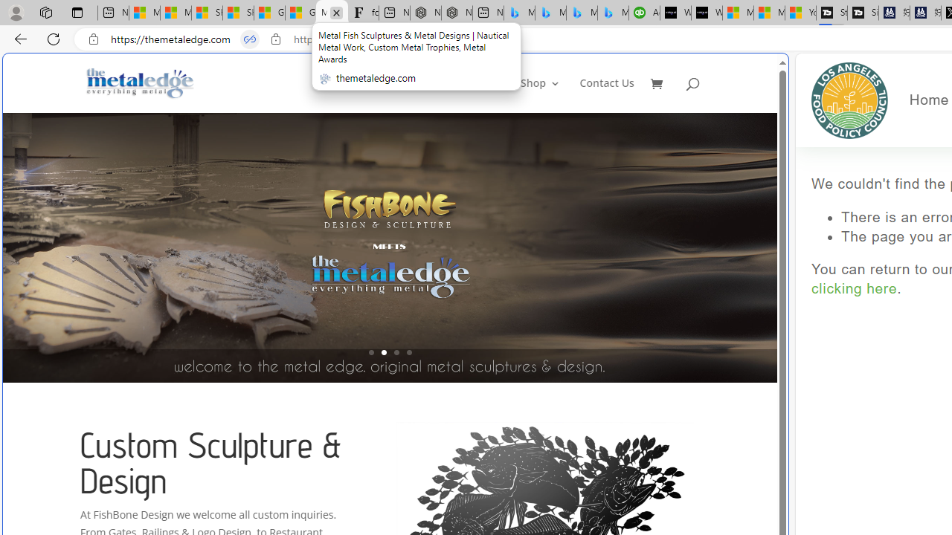  Describe the element at coordinates (396, 352) in the screenshot. I see `'3'` at that location.